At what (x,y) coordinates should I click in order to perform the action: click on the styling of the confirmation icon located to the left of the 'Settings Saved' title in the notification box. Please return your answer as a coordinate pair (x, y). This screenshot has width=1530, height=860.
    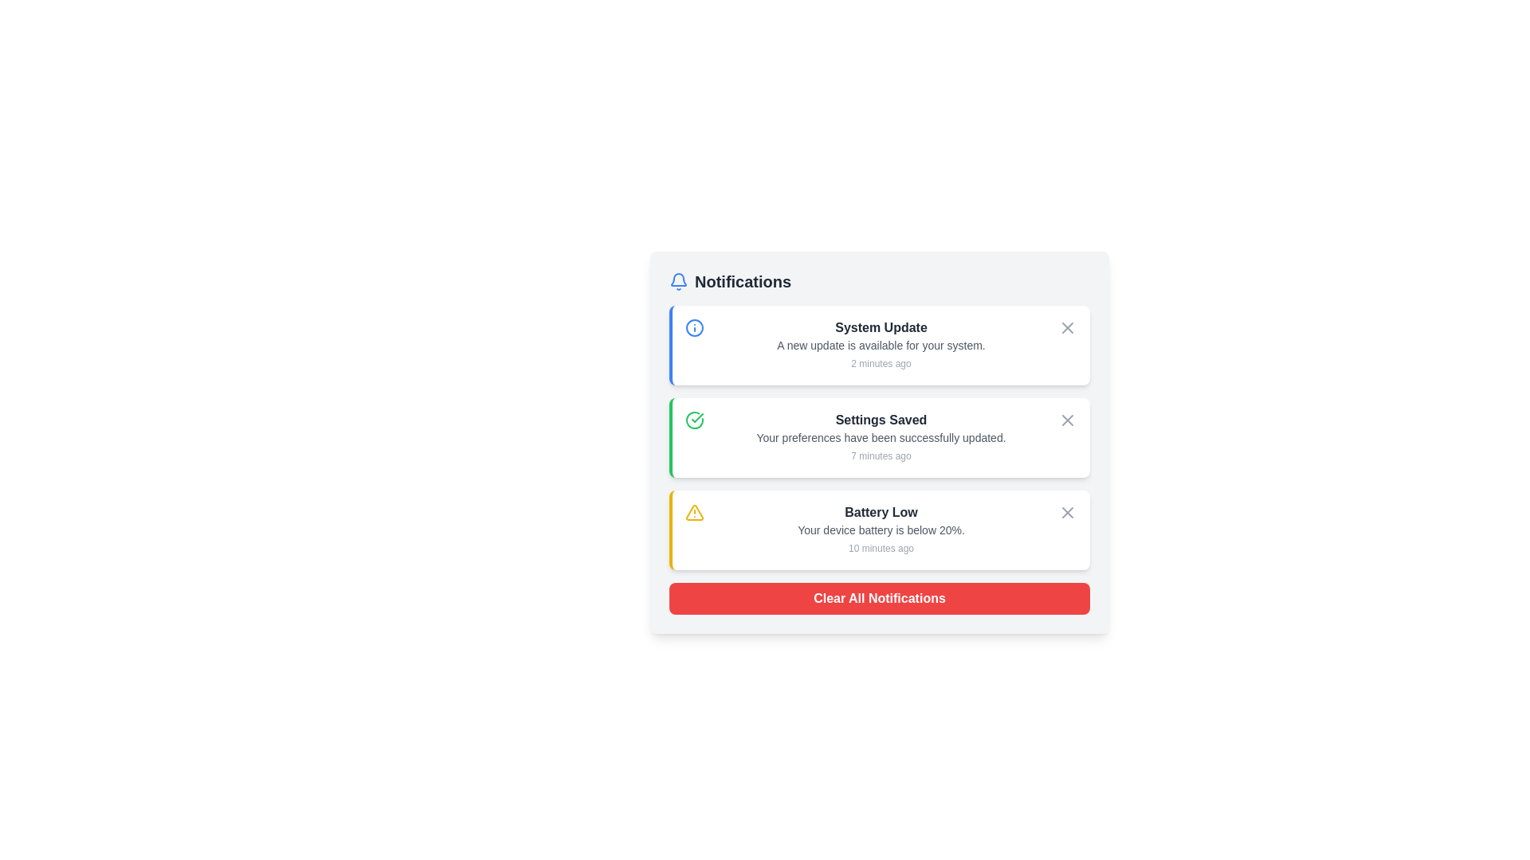
    Looking at the image, I should click on (695, 420).